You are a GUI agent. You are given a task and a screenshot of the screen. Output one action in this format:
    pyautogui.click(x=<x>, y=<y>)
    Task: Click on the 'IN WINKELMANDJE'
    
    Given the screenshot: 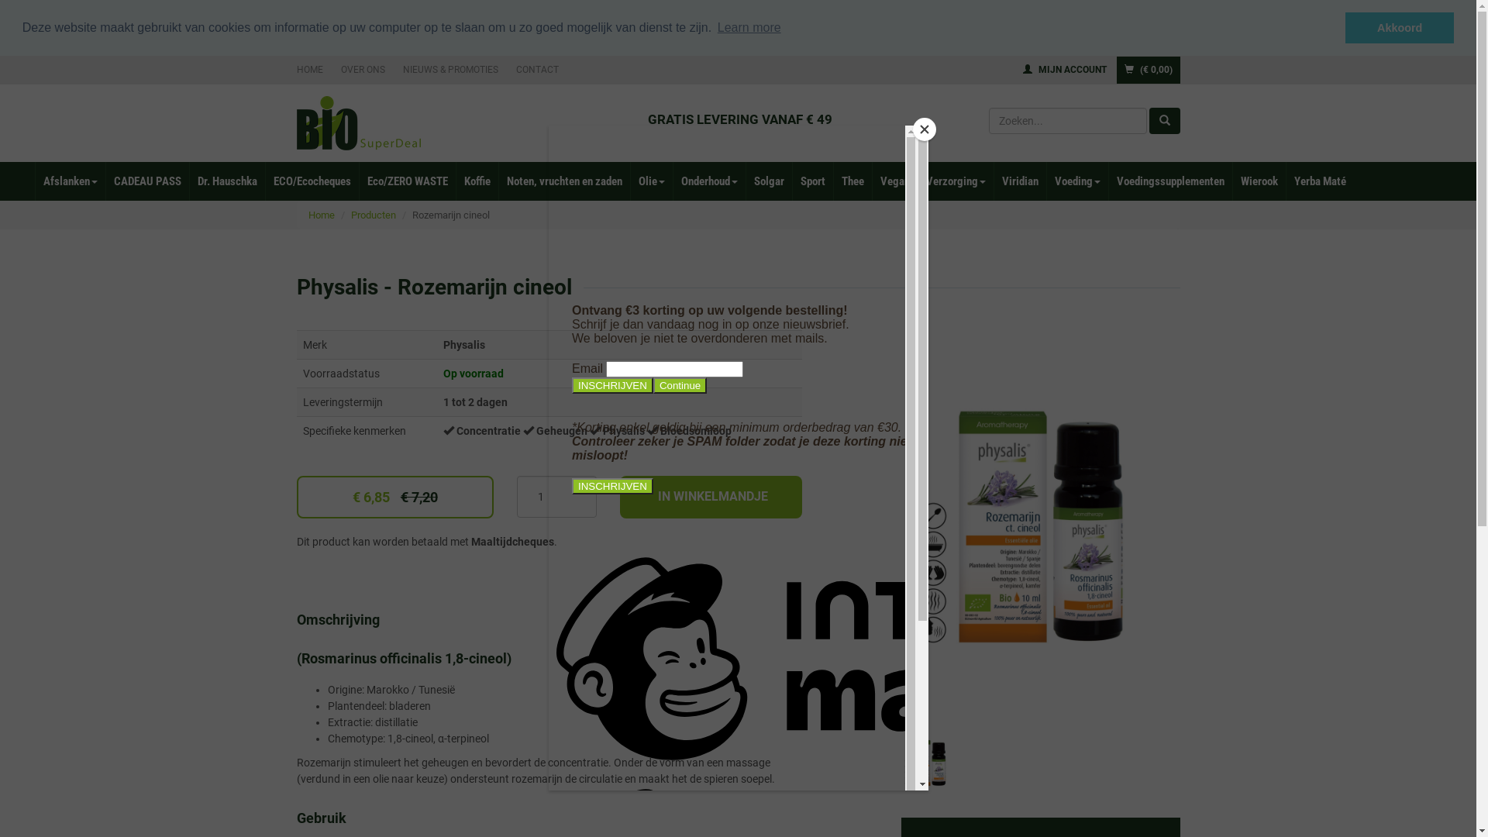 What is the action you would take?
    pyautogui.click(x=710, y=497)
    